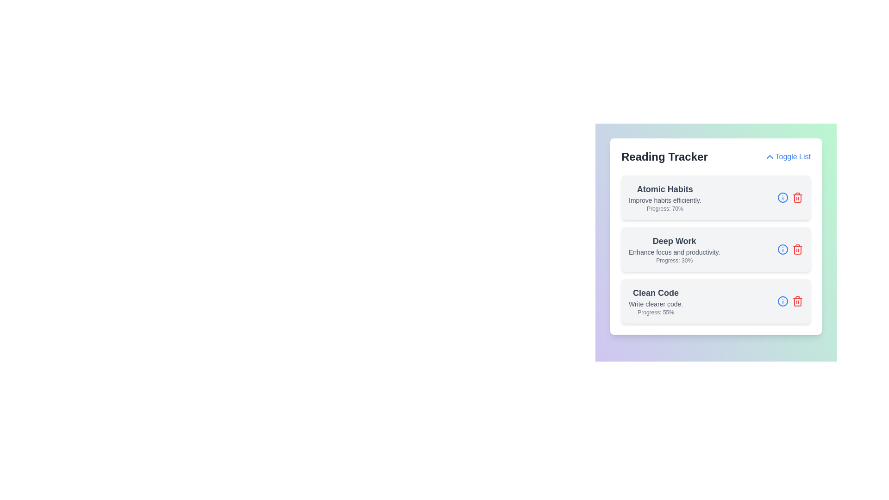 This screenshot has width=889, height=500. Describe the element at coordinates (655, 293) in the screenshot. I see `text content of the title label for the third item in the 'Reading Tracker' section, which indicates the subject or book name` at that location.